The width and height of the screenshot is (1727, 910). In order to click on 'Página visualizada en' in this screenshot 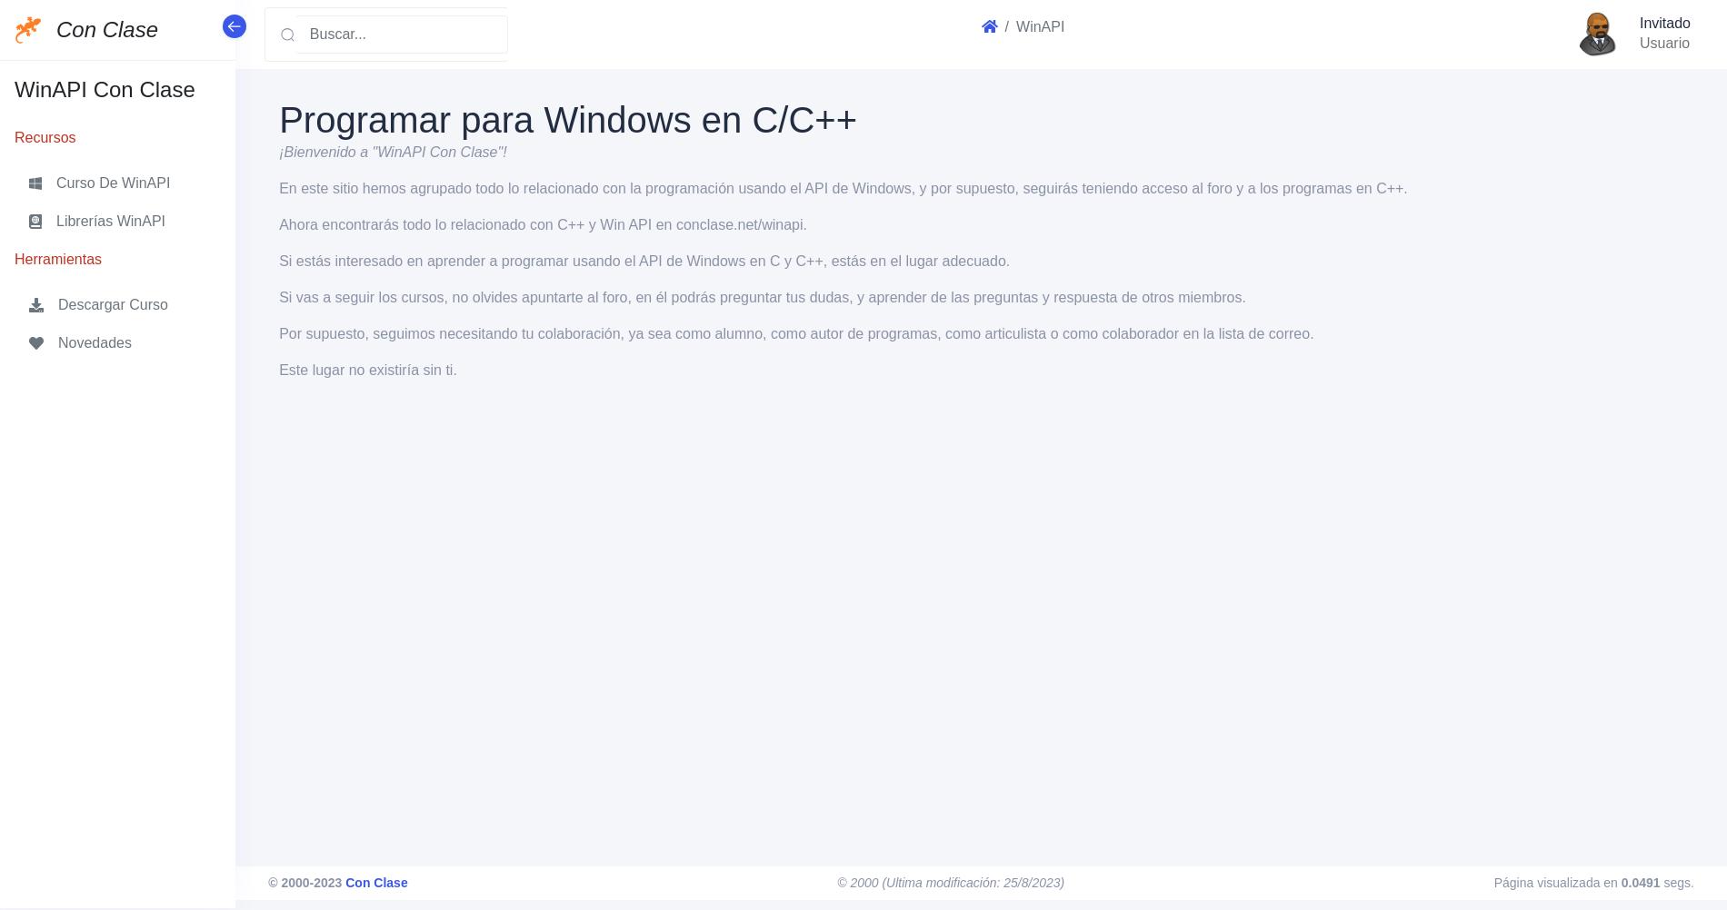, I will do `click(1556, 882)`.